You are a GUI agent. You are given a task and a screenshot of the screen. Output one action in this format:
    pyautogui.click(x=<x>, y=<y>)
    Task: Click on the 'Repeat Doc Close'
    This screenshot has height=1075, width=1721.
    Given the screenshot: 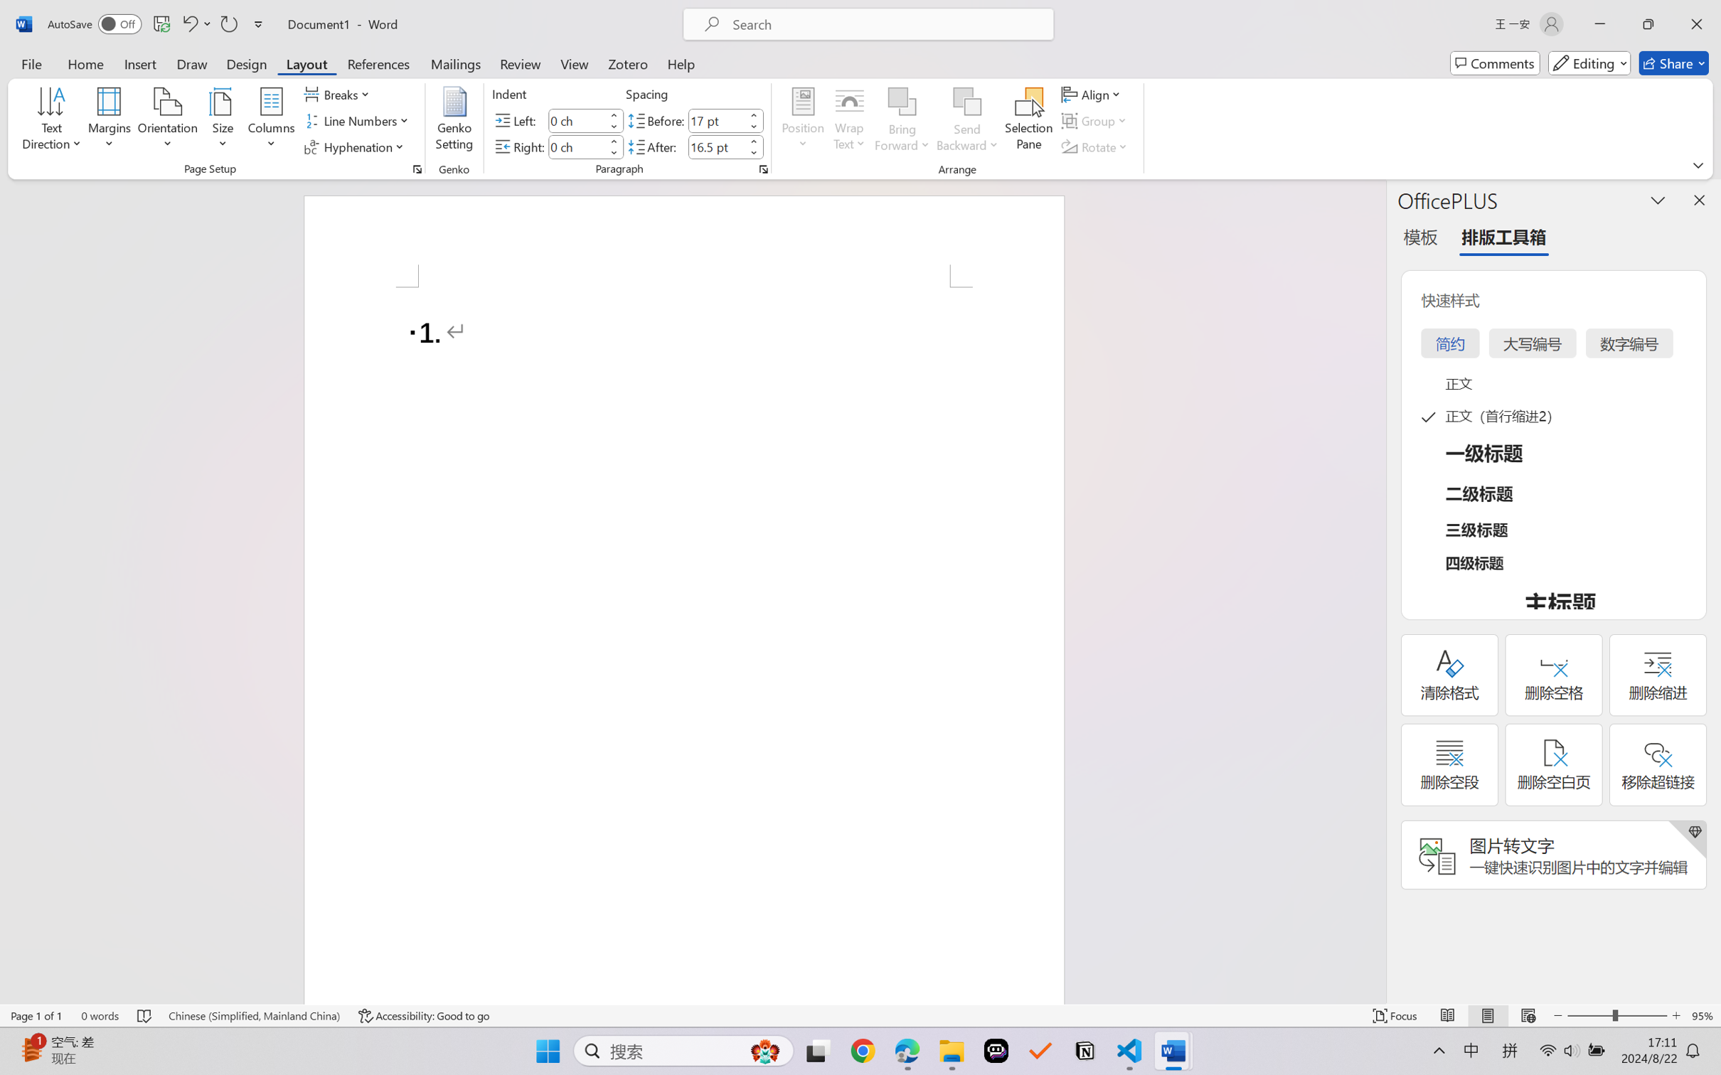 What is the action you would take?
    pyautogui.click(x=228, y=23)
    